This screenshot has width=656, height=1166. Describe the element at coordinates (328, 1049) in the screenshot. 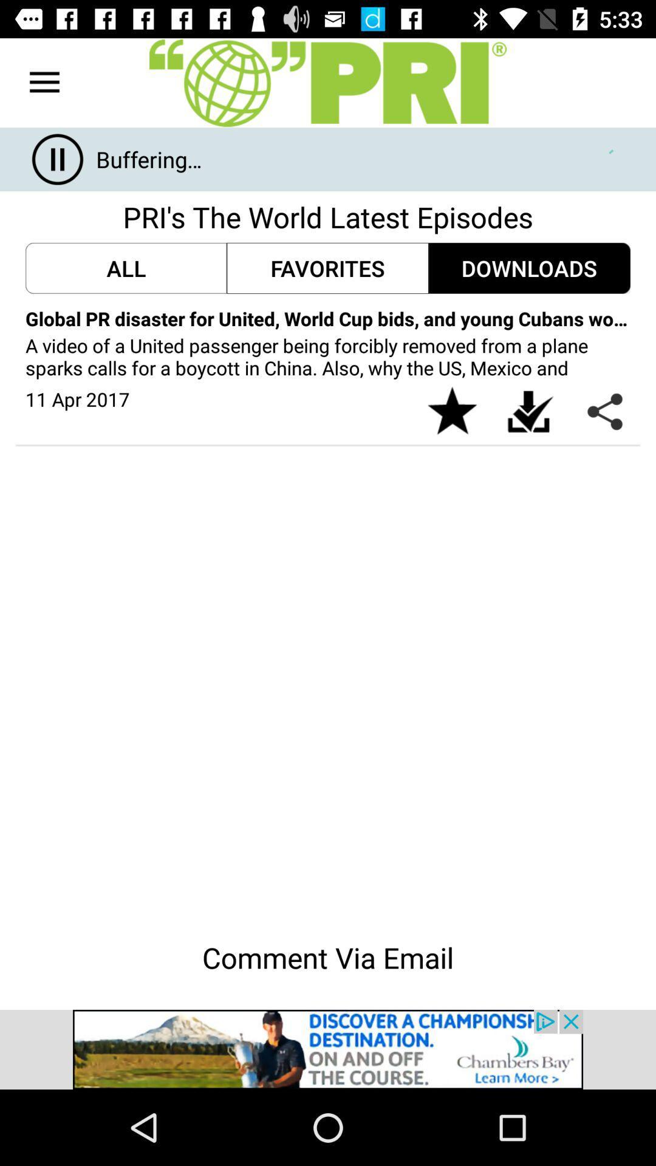

I see `click advertisement` at that location.